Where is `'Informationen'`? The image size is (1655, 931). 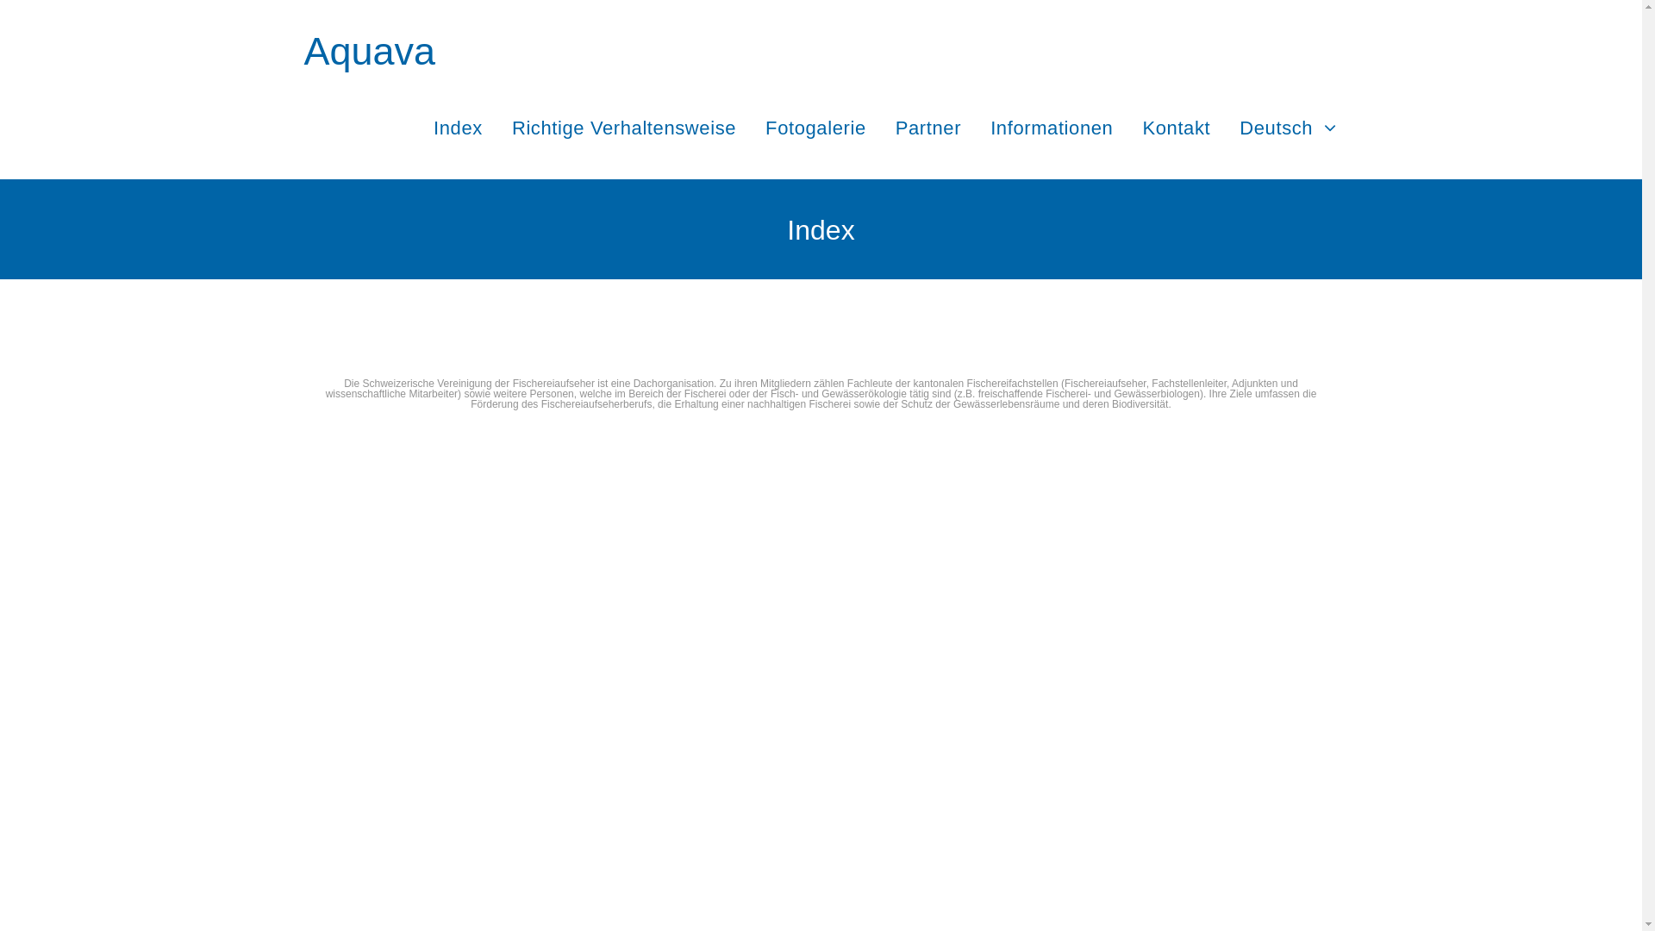 'Informationen' is located at coordinates (1050, 127).